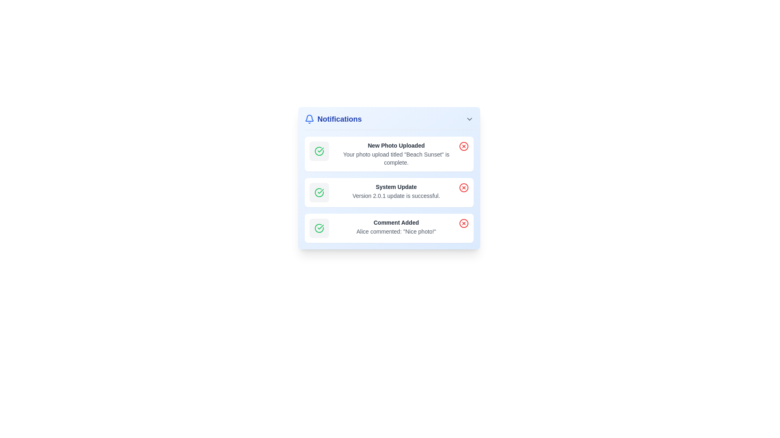 This screenshot has height=438, width=780. I want to click on the circular graphic that functions as the close/delete button for the 'New Photo Uploaded' notification located in the topmost row of the notification list, to the far right of the row, so click(464, 146).